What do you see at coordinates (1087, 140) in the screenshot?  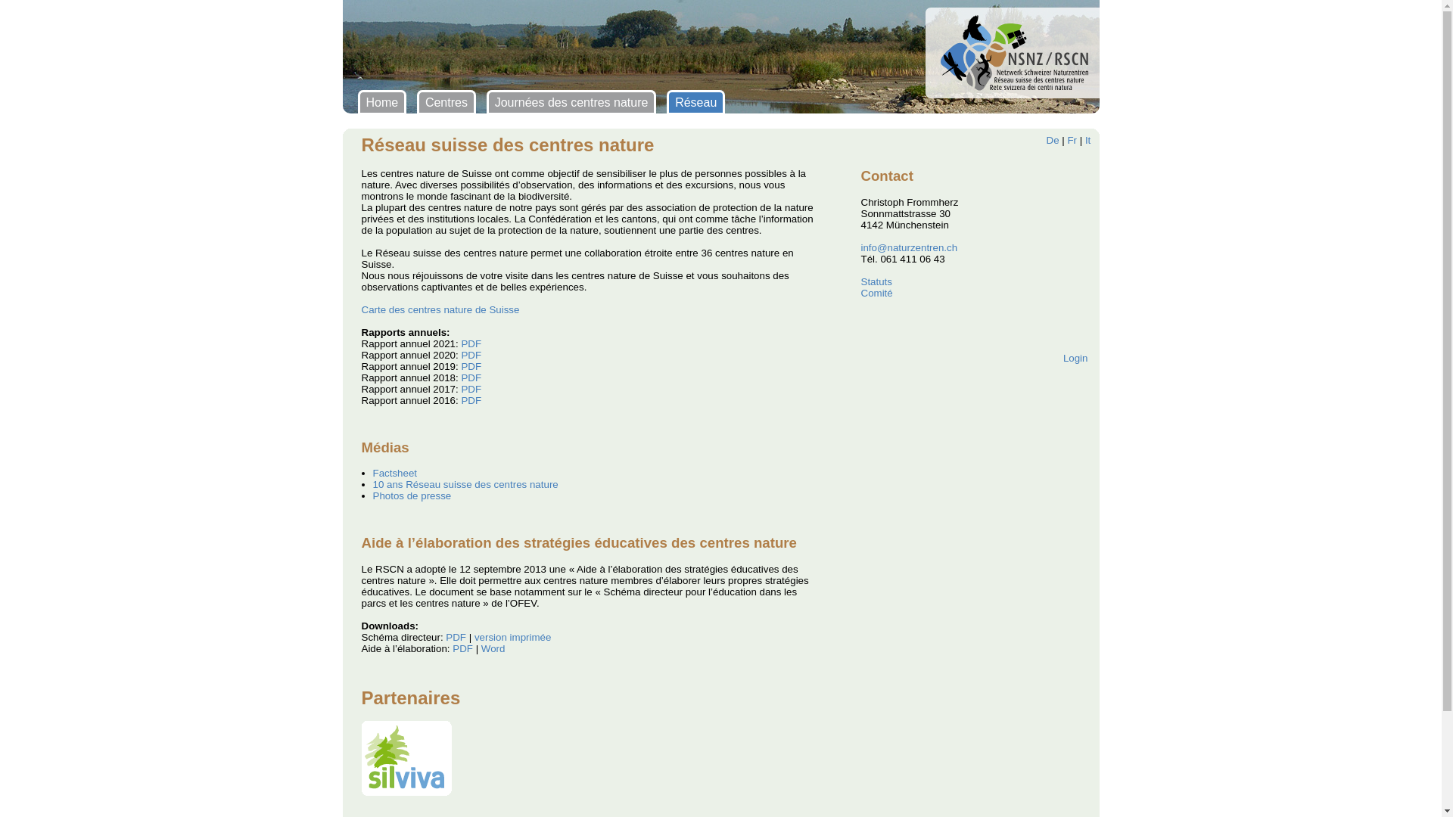 I see `'It'` at bounding box center [1087, 140].